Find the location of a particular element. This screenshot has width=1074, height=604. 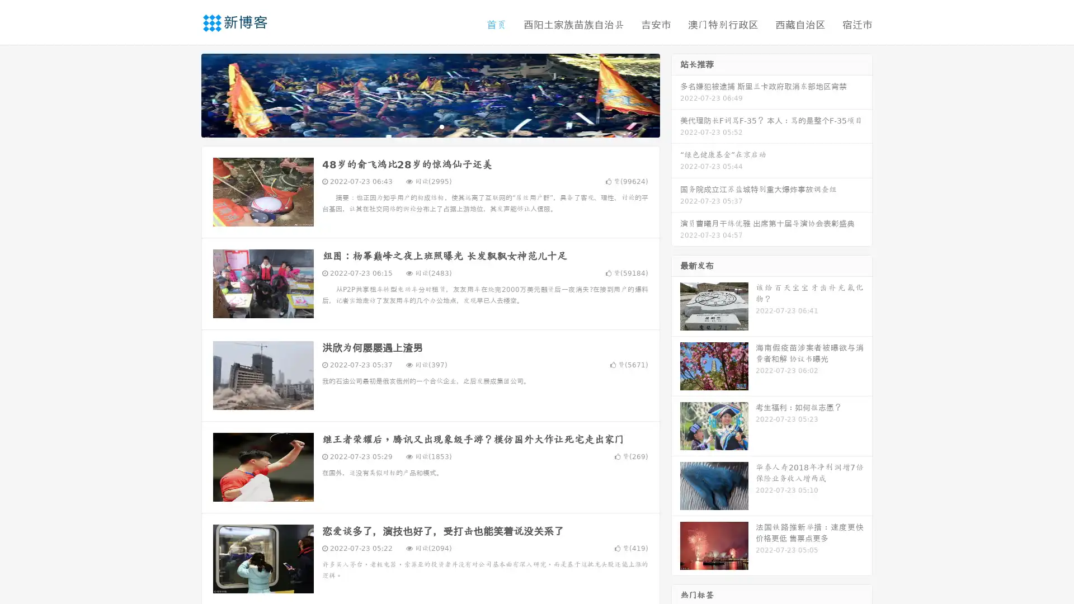

Previous slide is located at coordinates (185, 94).